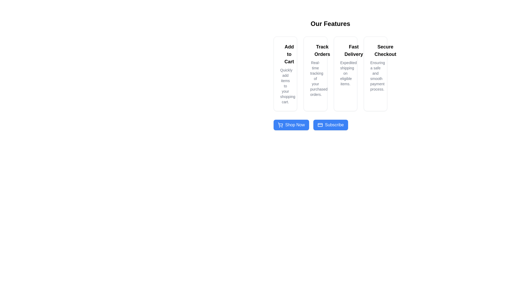 The width and height of the screenshot is (509, 286). What do you see at coordinates (315, 79) in the screenshot?
I see `description text located below the 'Track Orders' heading, which provides additional information about the 'Track Orders' feature, situated in the second feature card from the left in the 'Our Features' section` at bounding box center [315, 79].